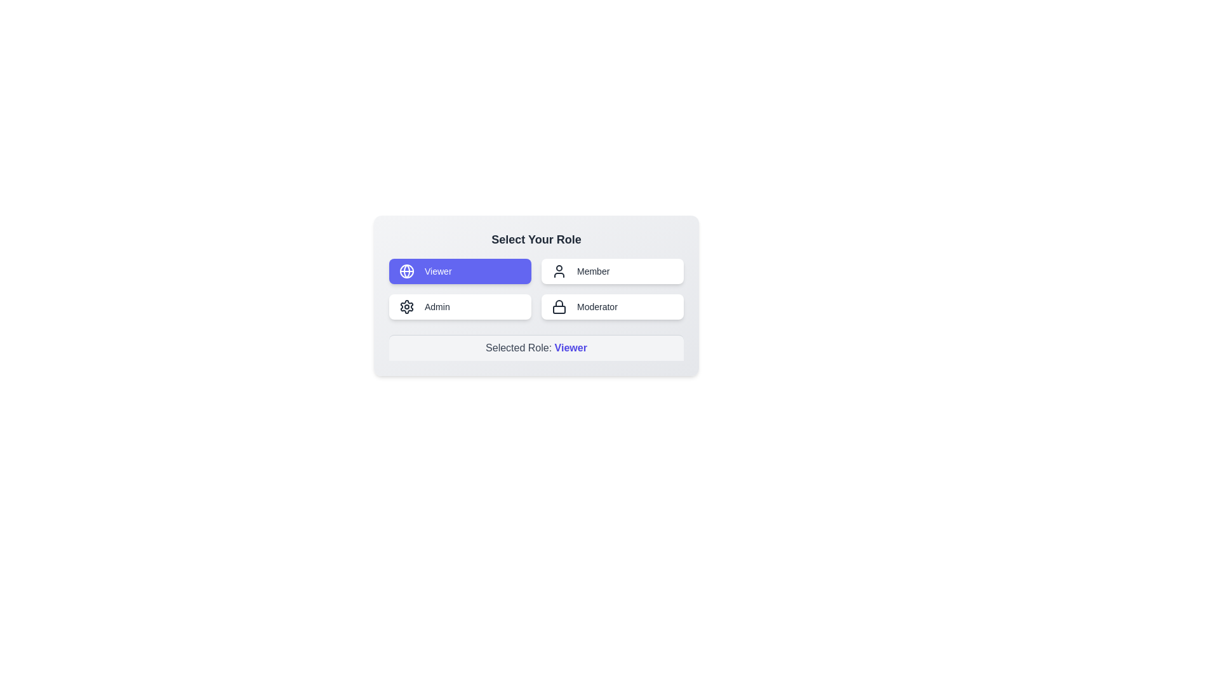 This screenshot has width=1219, height=685. Describe the element at coordinates (612, 271) in the screenshot. I see `the role button labeled Member` at that location.